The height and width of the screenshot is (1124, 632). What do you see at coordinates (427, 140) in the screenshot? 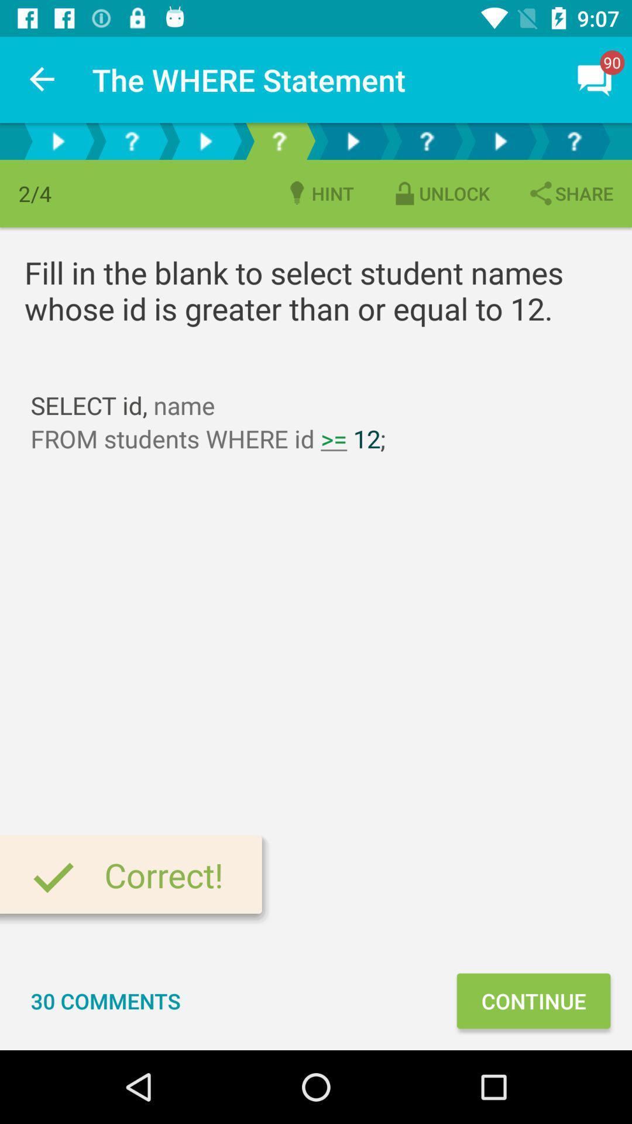
I see `the third question mark in the page` at bounding box center [427, 140].